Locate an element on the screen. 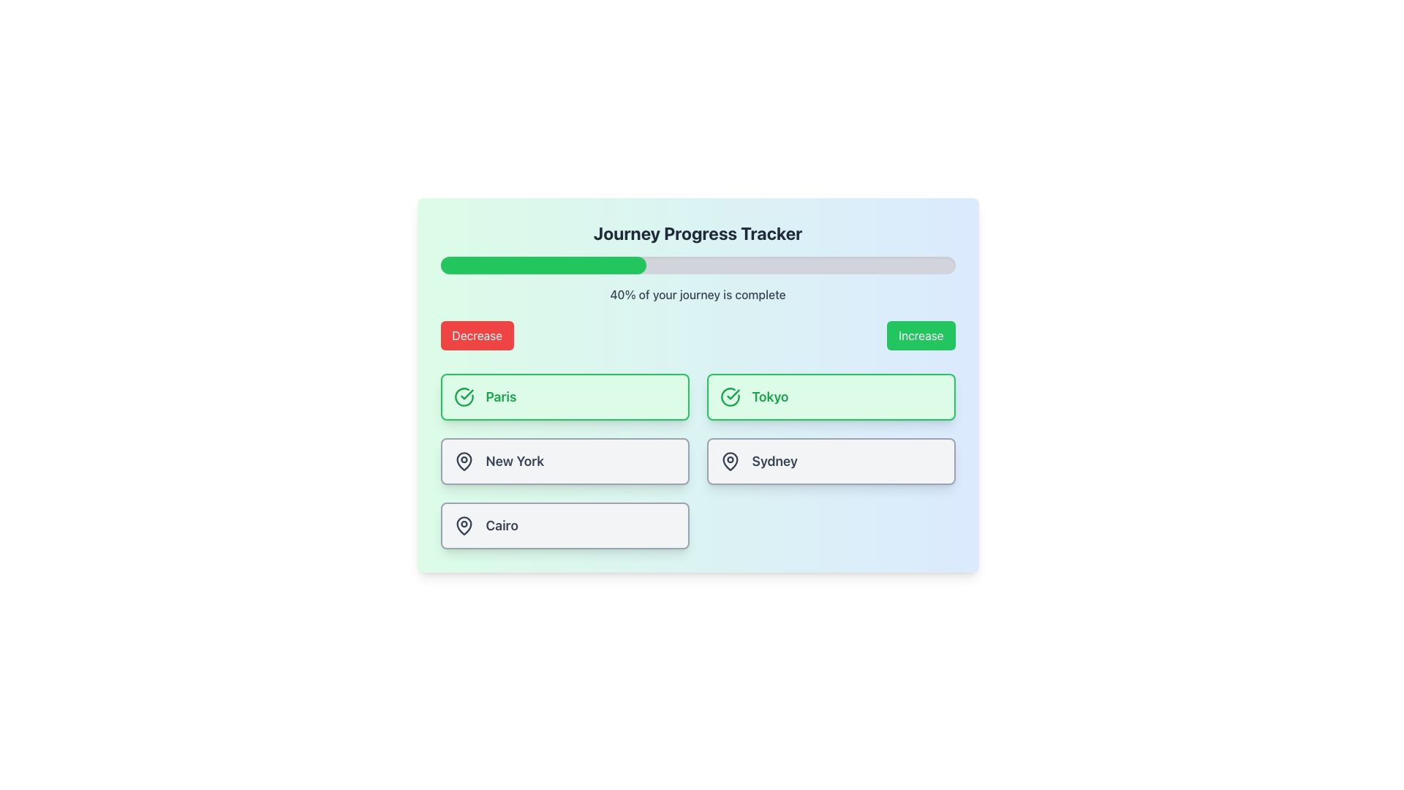 The width and height of the screenshot is (1404, 790). the green checkmark icon within the button labeled 'Paris' is located at coordinates (733, 394).